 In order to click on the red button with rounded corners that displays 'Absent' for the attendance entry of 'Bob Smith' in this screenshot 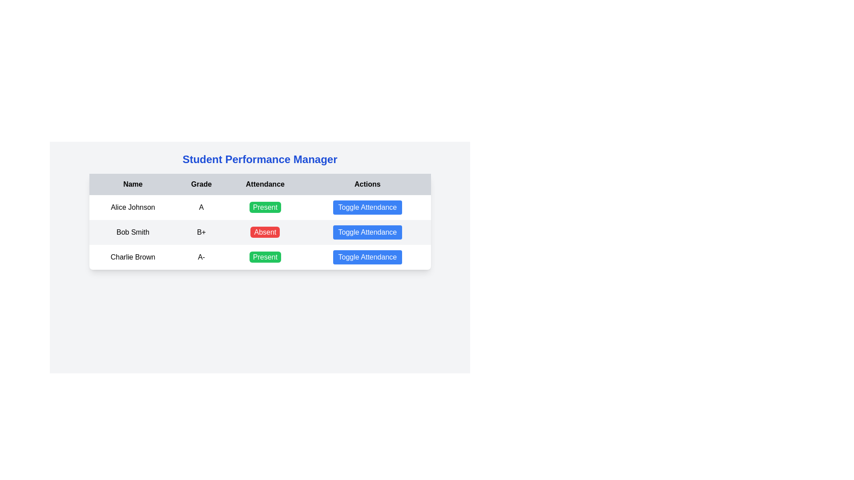, I will do `click(265, 232)`.